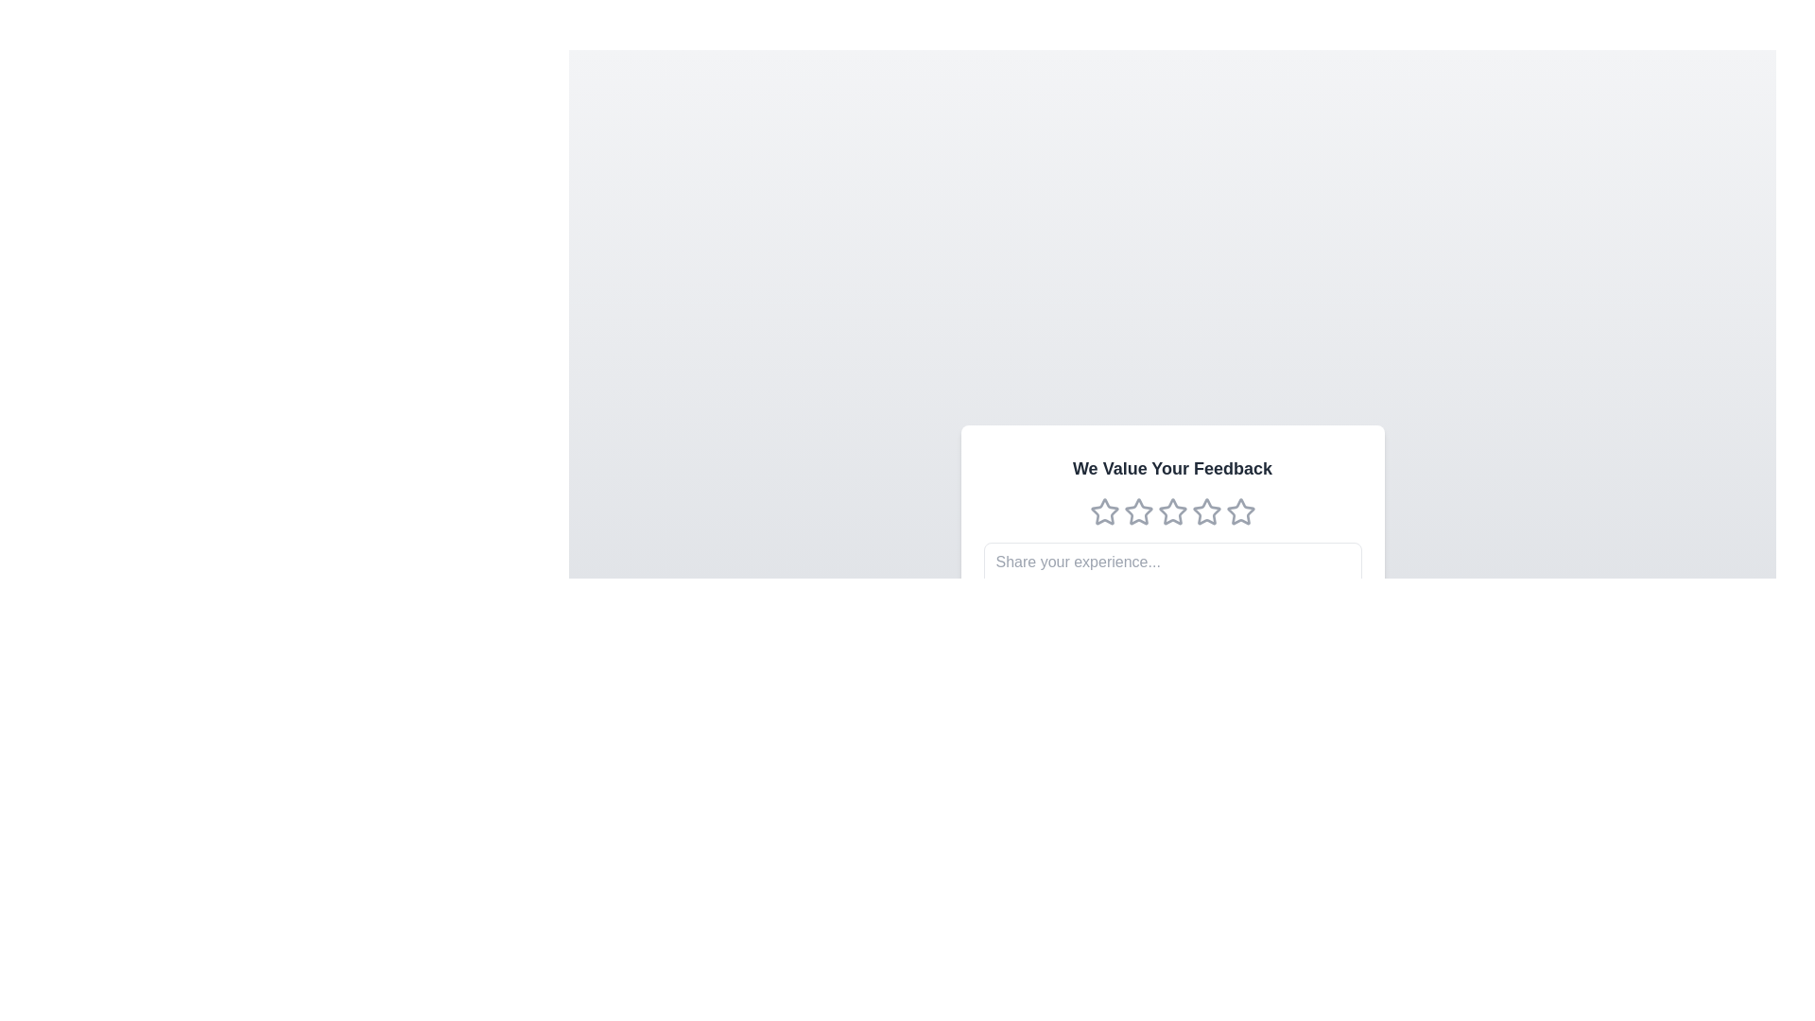  I want to click on the second star rating icon in the feedback system, so click(1137, 511).